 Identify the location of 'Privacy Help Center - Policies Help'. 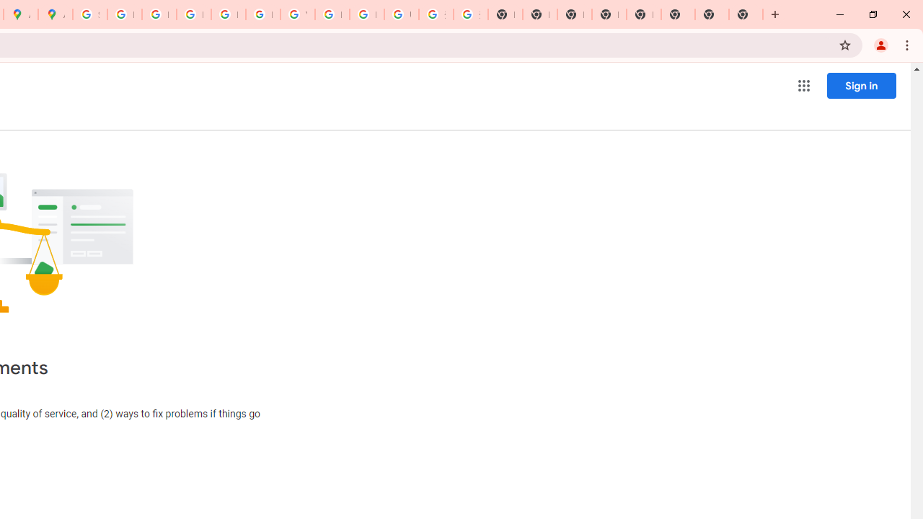
(193, 14).